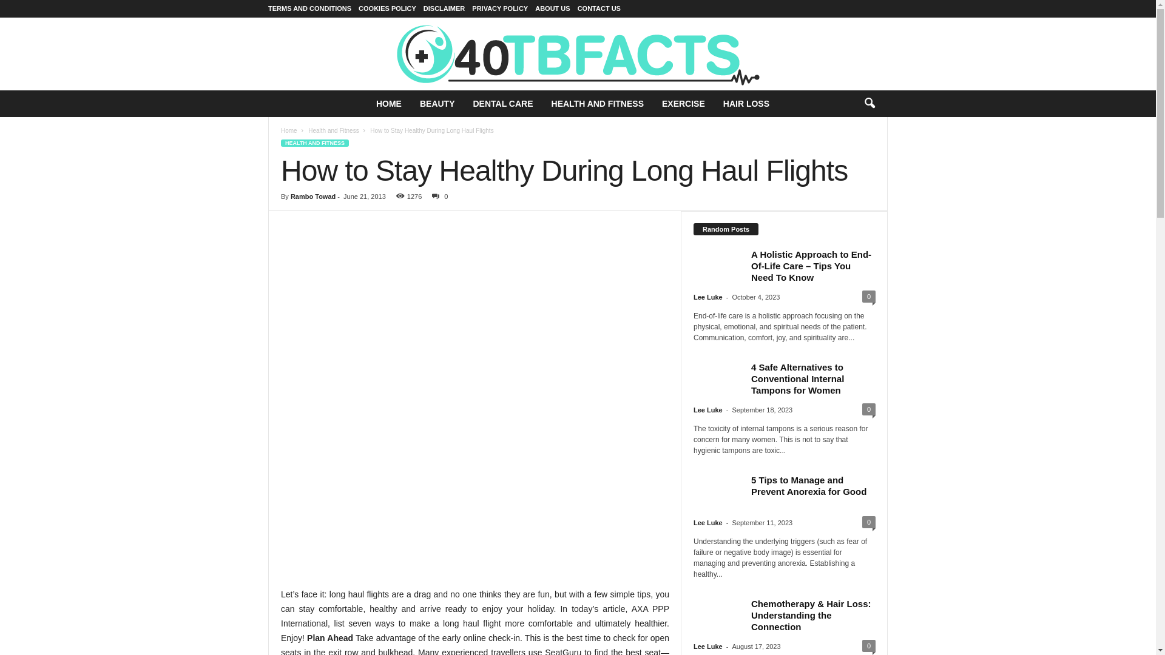 The image size is (1165, 655). I want to click on 'HOME', so click(389, 102).